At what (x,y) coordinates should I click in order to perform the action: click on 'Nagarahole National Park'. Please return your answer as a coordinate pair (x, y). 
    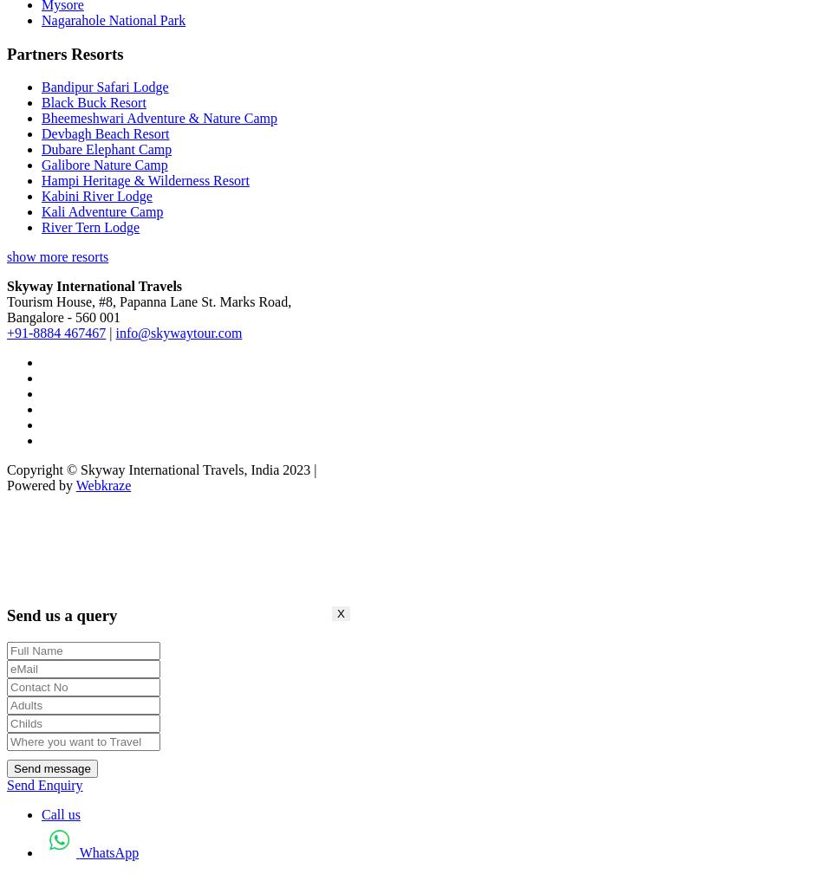
    Looking at the image, I should click on (112, 18).